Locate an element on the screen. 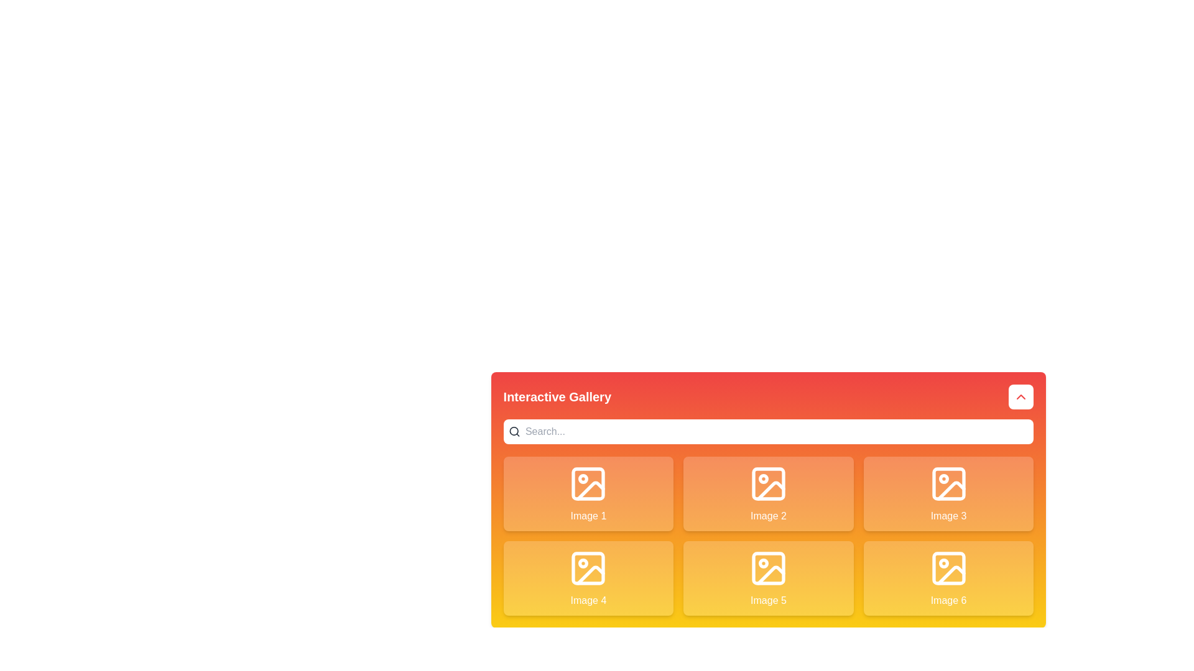 This screenshot has height=671, width=1194. the magnifying glass icon representing search functionality, located at the leftmost side of the horizontal search bar below the title 'Interactive Gallery' is located at coordinates (514, 431).